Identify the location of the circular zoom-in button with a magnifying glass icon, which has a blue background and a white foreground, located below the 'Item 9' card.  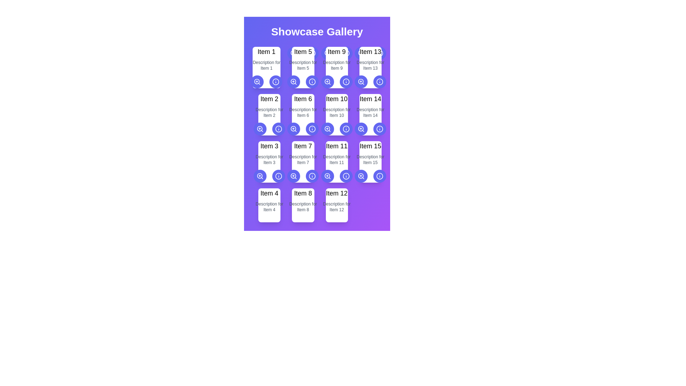
(327, 81).